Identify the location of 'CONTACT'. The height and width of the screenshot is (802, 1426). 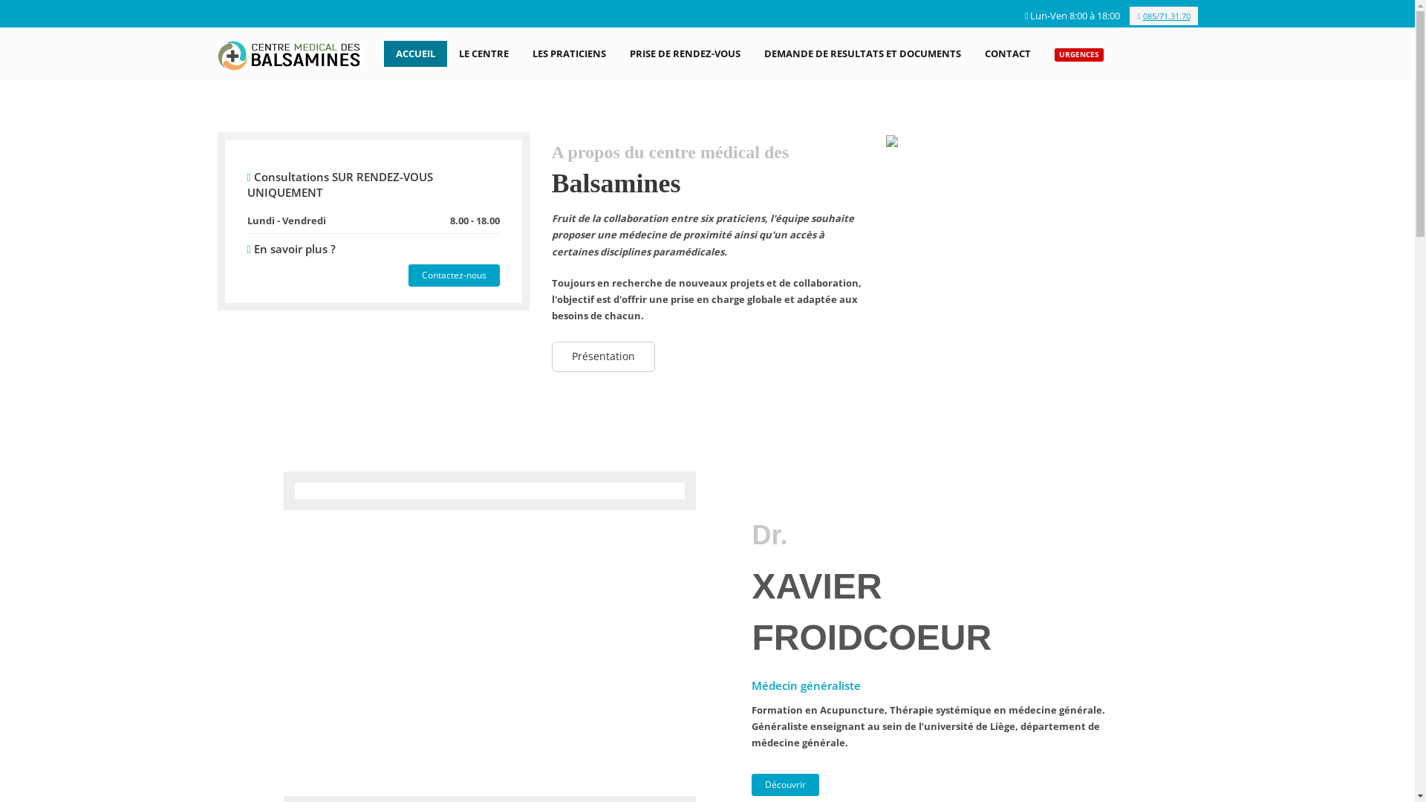
(973, 53).